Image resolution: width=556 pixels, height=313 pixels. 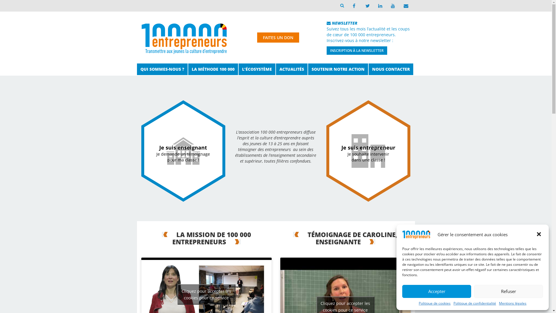 I want to click on 'Accepter', so click(x=436, y=291).